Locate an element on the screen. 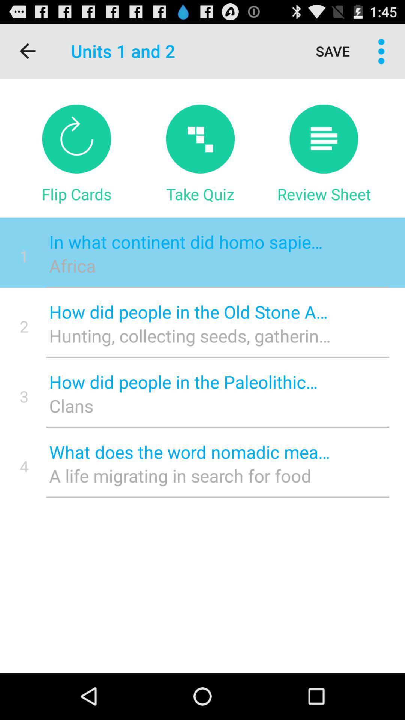  the flip cards item is located at coordinates (76, 194).